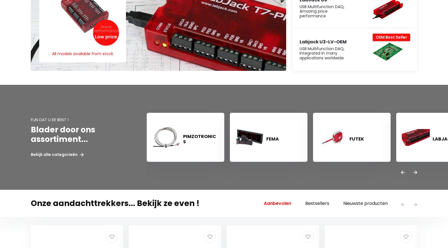  Describe the element at coordinates (55, 109) in the screenshot. I see `'Contact / Klantenservice'` at that location.